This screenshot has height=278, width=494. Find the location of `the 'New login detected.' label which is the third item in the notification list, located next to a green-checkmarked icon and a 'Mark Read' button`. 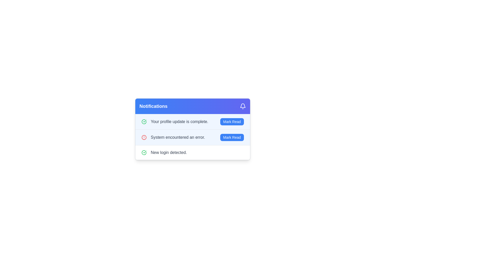

the 'New login detected.' label which is the third item in the notification list, located next to a green-checkmarked icon and a 'Mark Read' button is located at coordinates (169, 152).